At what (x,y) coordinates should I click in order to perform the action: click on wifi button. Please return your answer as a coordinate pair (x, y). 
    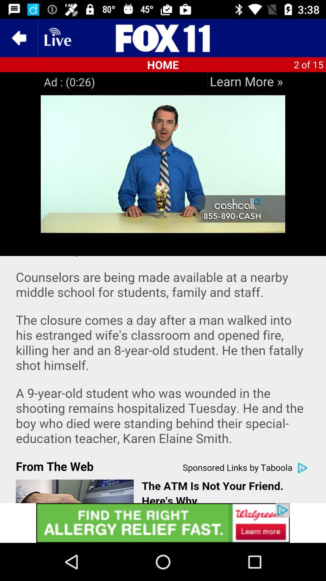
    Looking at the image, I should click on (57, 38).